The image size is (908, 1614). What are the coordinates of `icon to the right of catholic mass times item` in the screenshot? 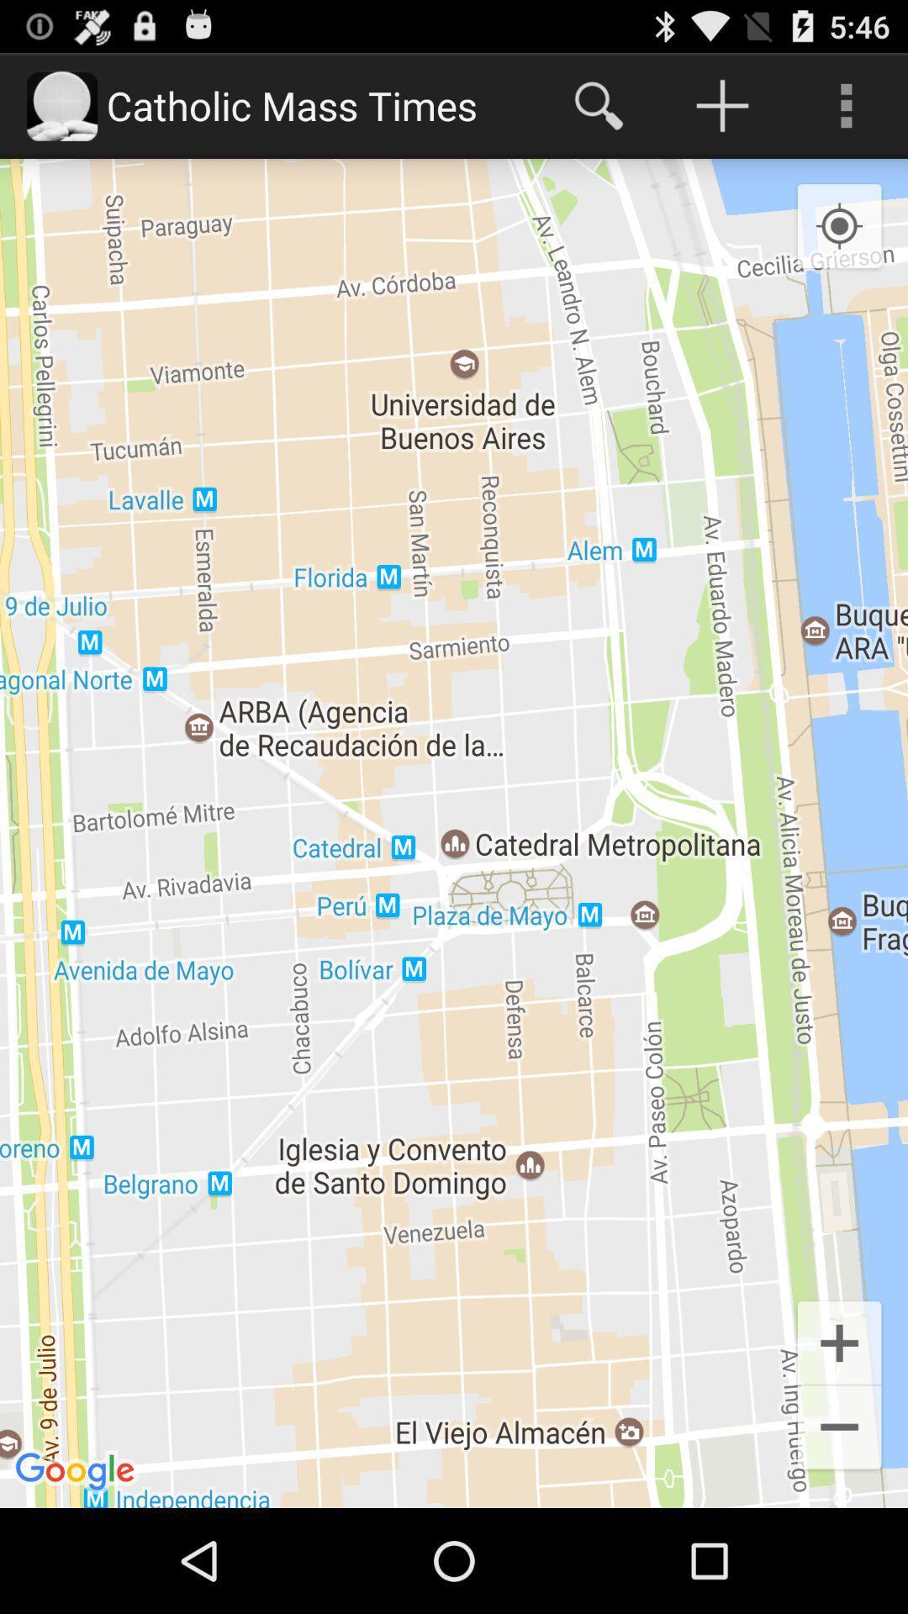 It's located at (598, 104).